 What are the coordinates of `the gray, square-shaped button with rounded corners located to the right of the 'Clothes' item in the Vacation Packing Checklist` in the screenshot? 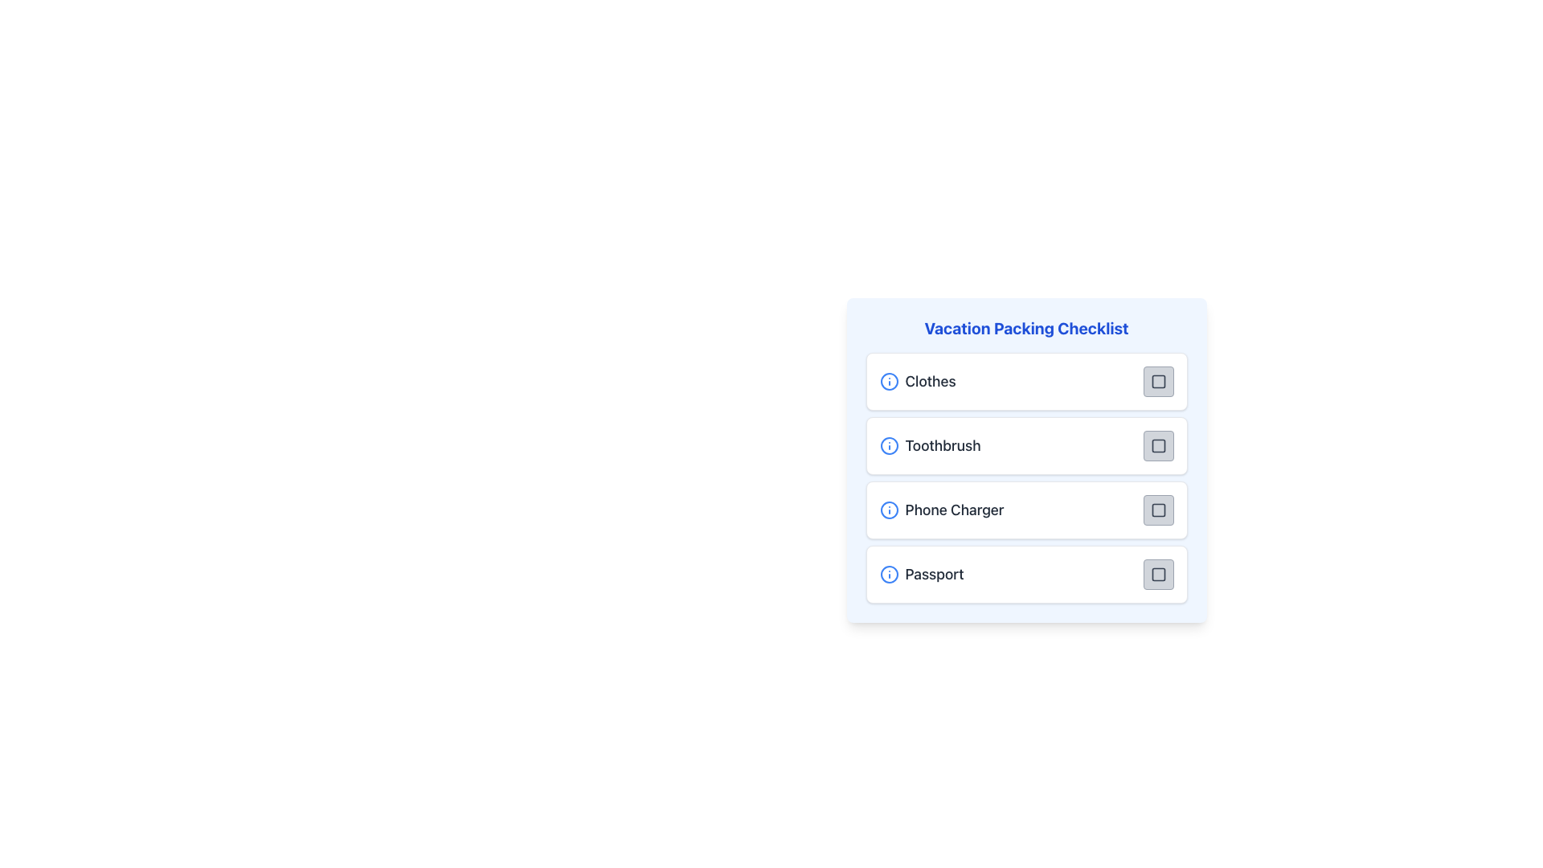 It's located at (1158, 381).